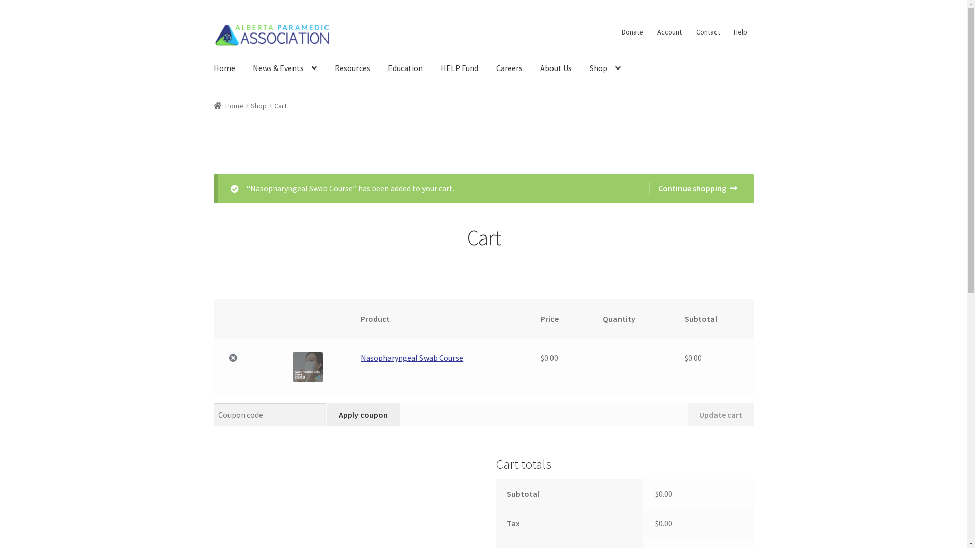  Describe the element at coordinates (459, 68) in the screenshot. I see `'HELP Fund'` at that location.